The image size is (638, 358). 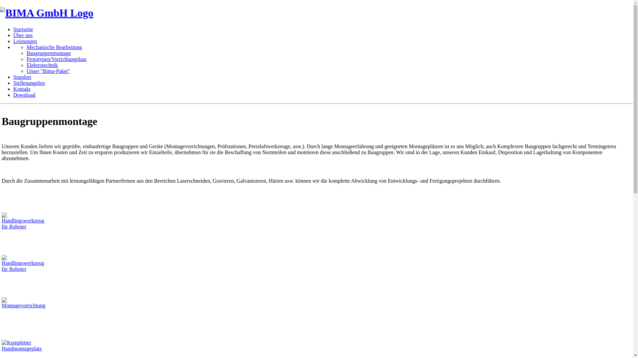 What do you see at coordinates (56, 59) in the screenshot?
I see `'Prototypen/Vorrichtungsbau'` at bounding box center [56, 59].